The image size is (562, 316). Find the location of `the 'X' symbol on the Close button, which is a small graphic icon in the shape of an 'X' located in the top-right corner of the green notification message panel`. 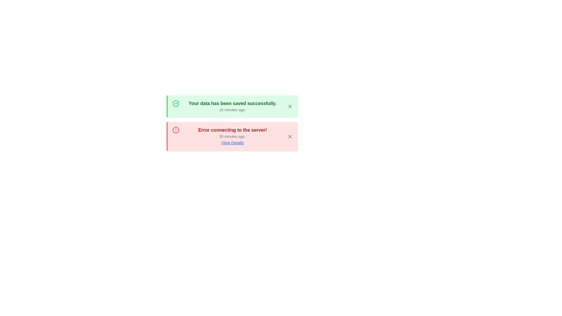

the 'X' symbol on the Close button, which is a small graphic icon in the shape of an 'X' located in the top-right corner of the green notification message panel is located at coordinates (290, 106).